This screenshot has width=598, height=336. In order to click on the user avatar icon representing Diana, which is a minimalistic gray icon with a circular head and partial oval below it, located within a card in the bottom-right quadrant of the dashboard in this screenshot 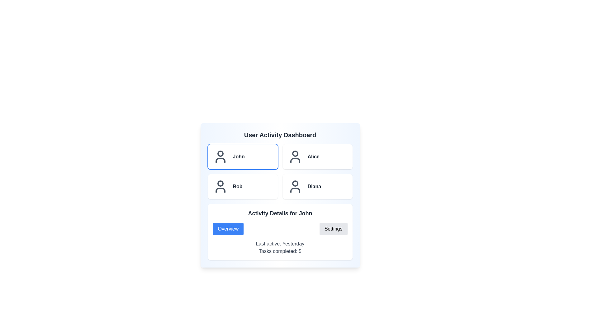, I will do `click(295, 186)`.